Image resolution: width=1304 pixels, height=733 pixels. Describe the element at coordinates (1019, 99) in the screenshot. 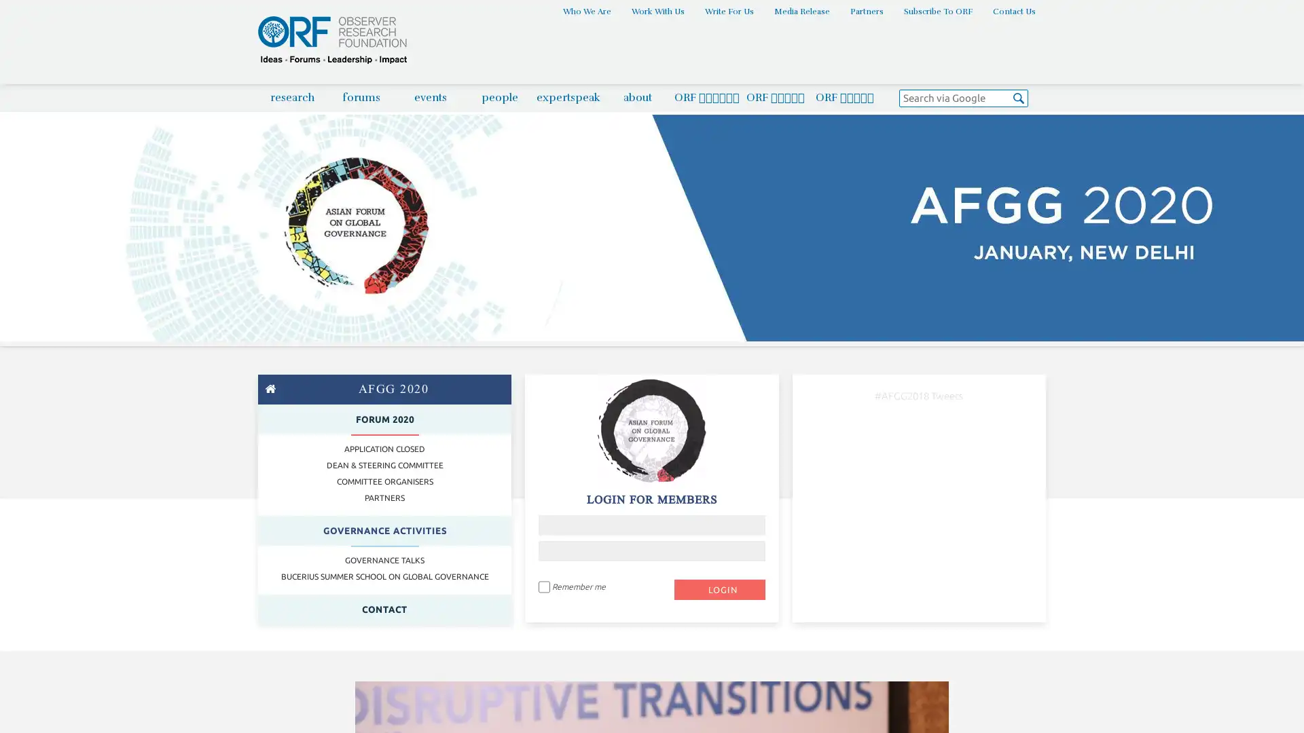

I see `search` at that location.